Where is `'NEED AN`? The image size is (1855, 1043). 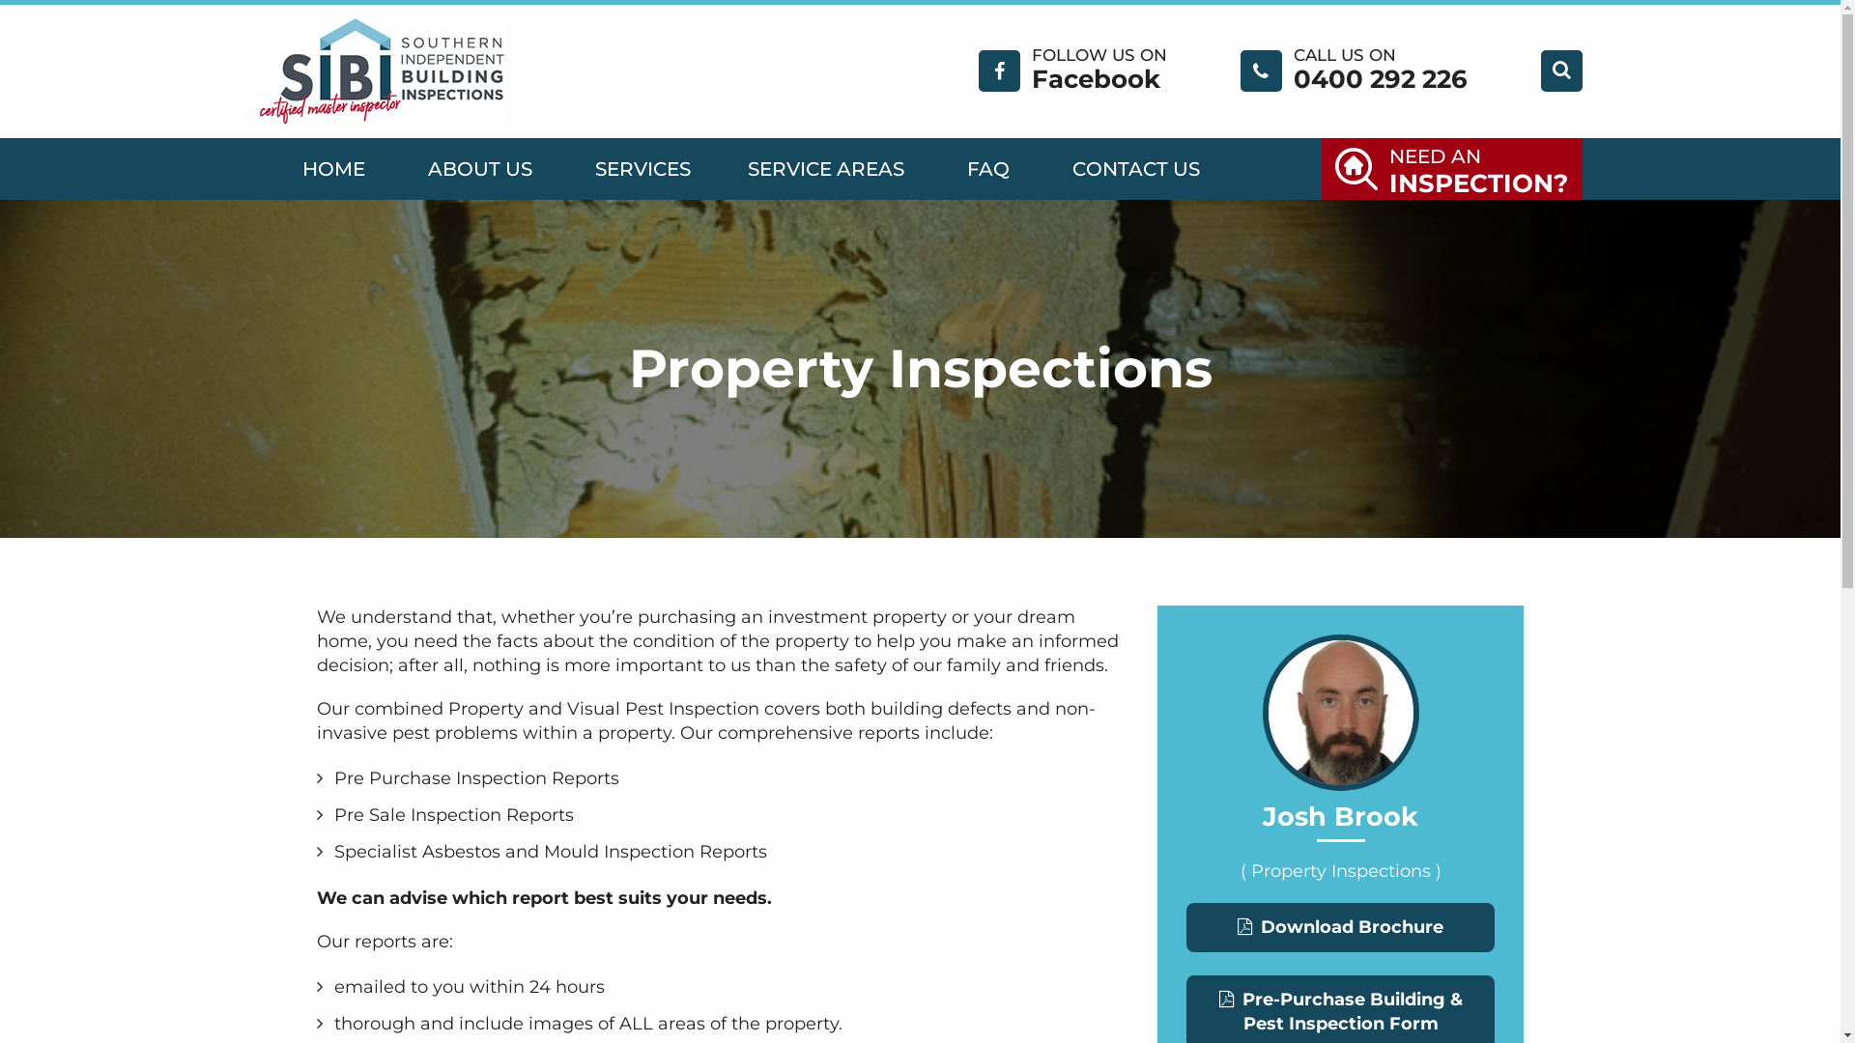
'NEED AN is located at coordinates (1451, 167).